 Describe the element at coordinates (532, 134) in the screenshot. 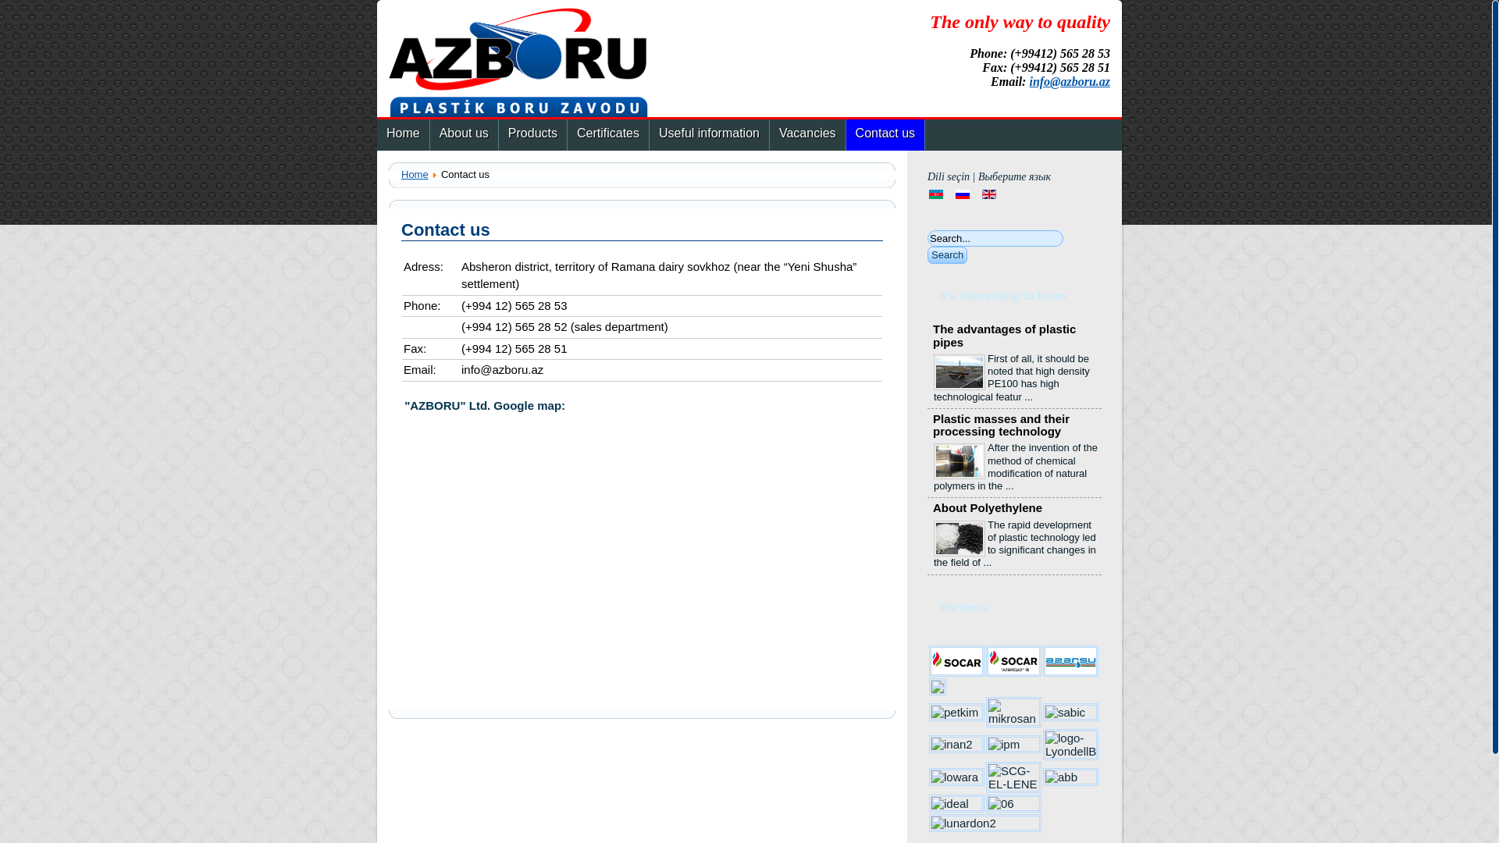

I see `'Products'` at that location.